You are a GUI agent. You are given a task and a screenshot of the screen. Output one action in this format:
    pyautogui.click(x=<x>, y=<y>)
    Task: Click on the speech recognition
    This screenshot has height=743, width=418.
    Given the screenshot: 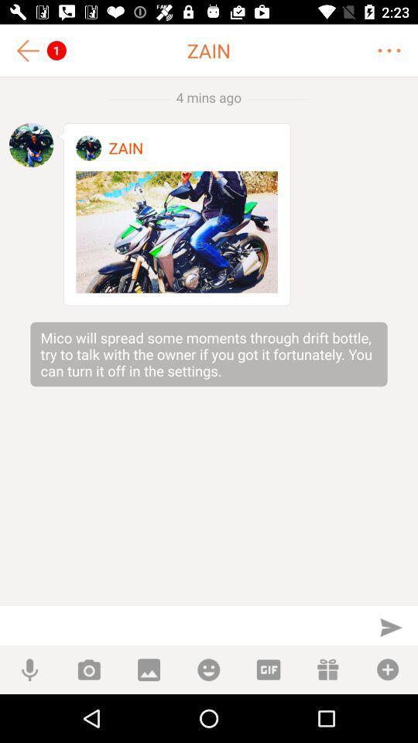 What is the action you would take?
    pyautogui.click(x=29, y=669)
    